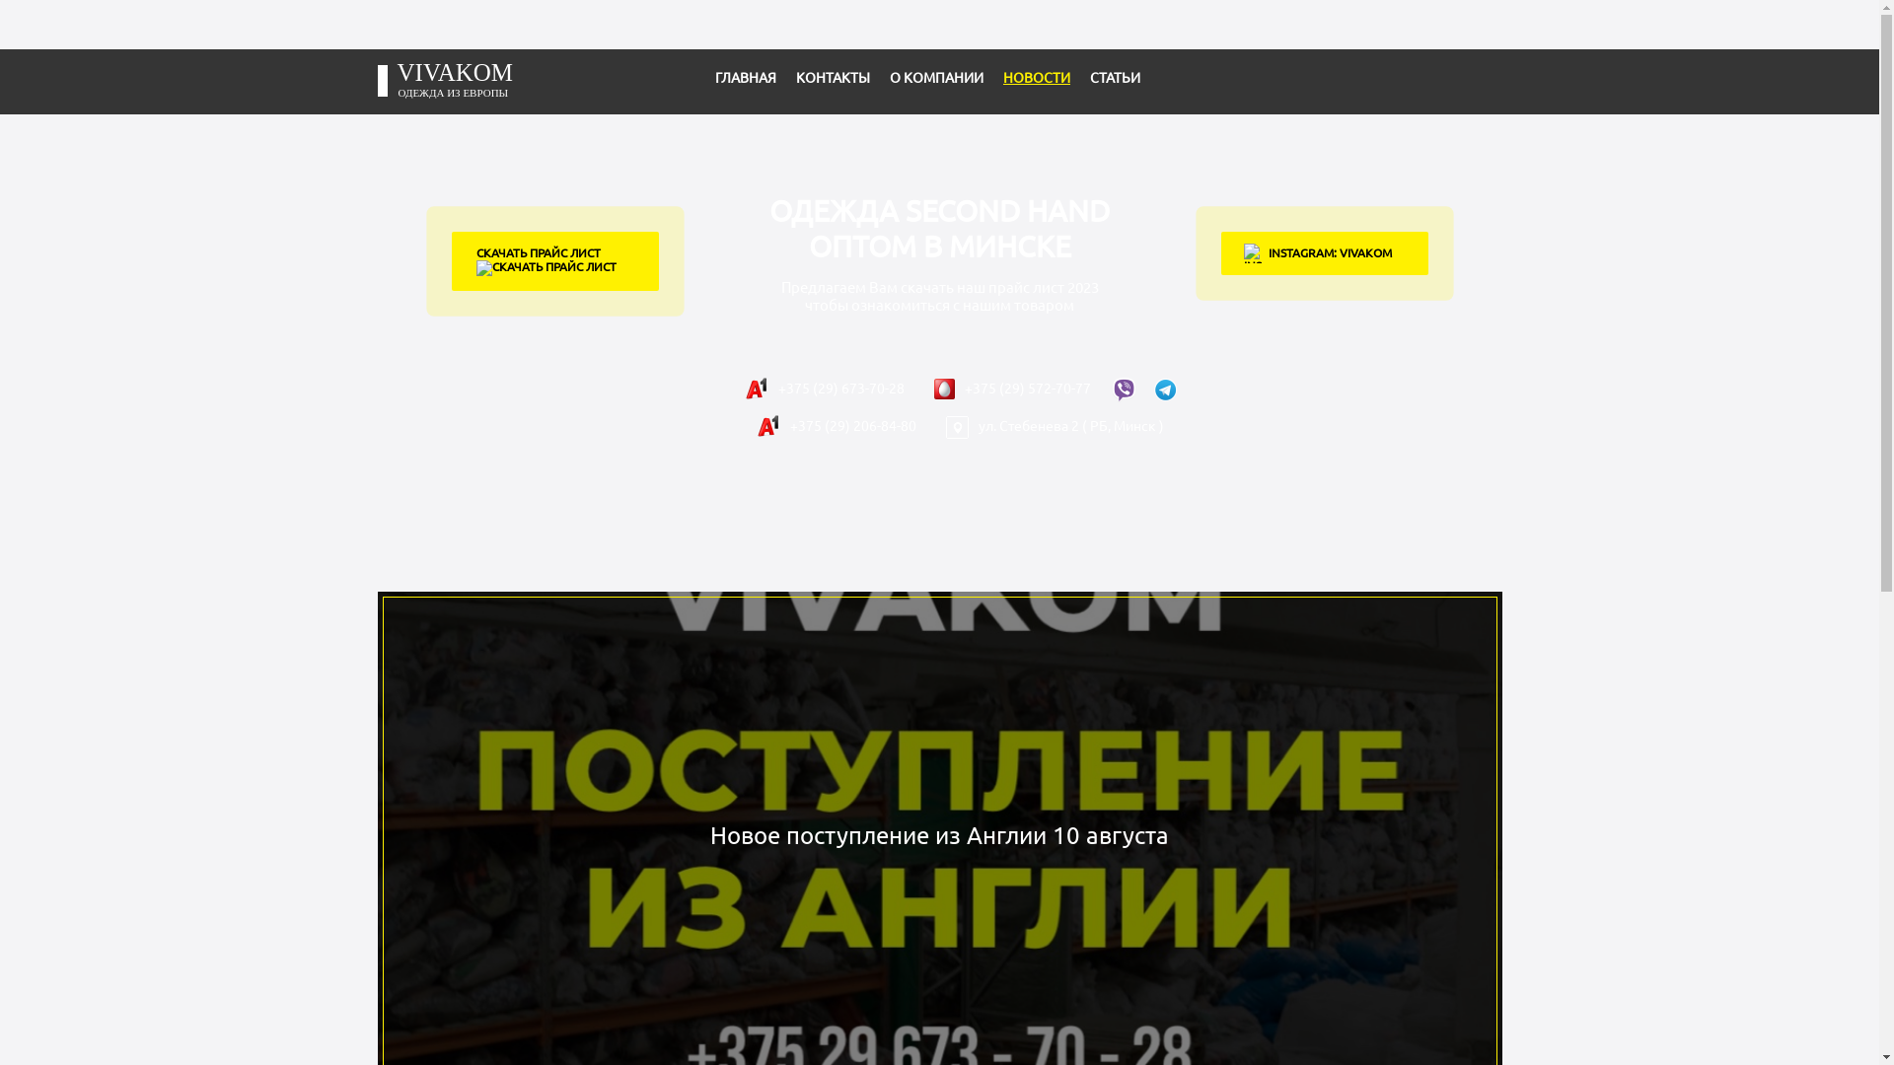  Describe the element at coordinates (836, 425) in the screenshot. I see `'+375 (29) 206-84-80'` at that location.